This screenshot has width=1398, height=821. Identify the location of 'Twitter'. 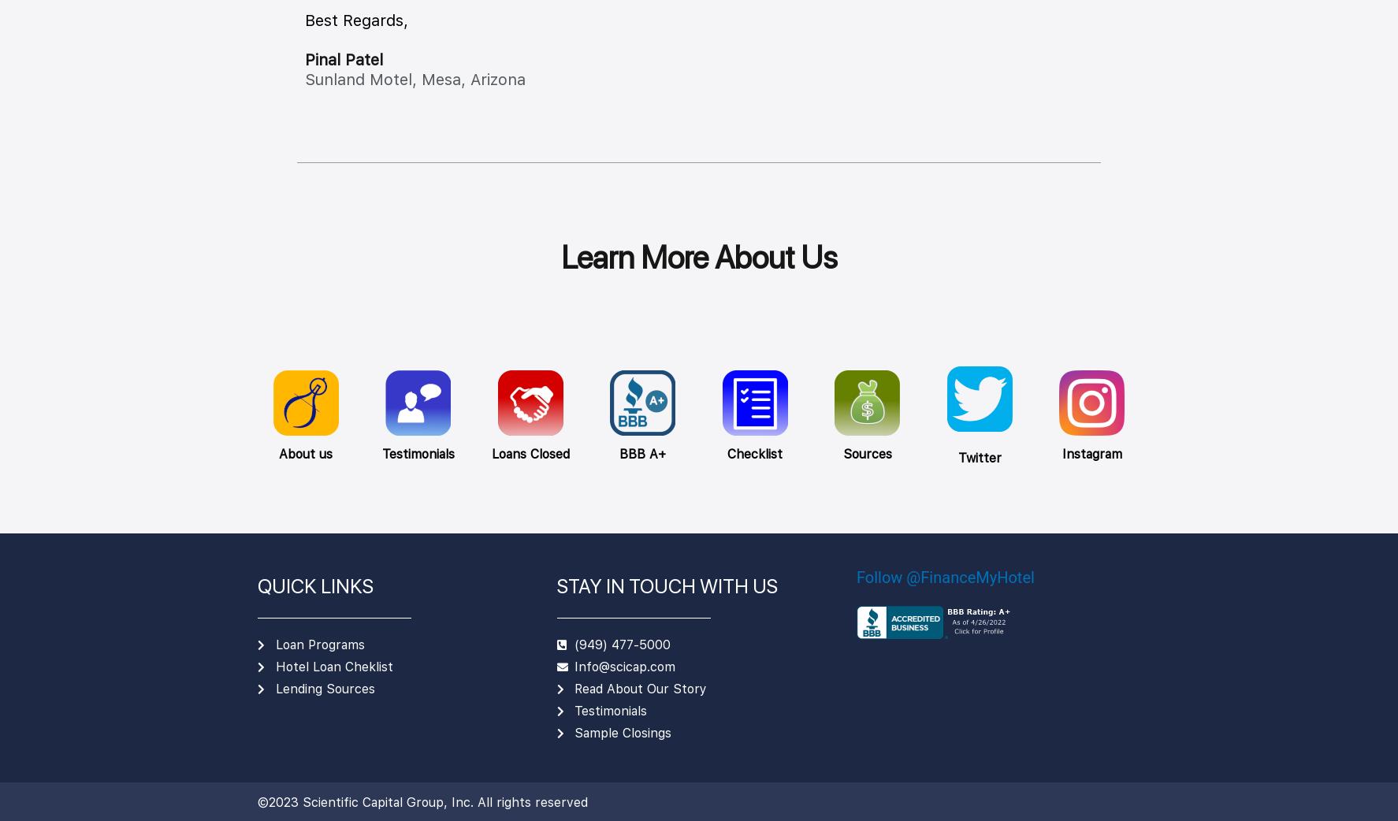
(978, 456).